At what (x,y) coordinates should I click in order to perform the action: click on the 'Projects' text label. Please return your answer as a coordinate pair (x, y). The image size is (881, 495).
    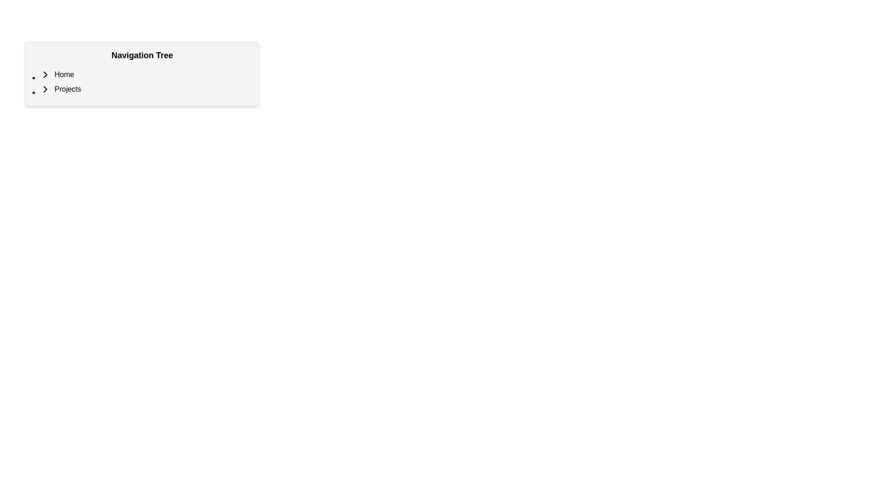
    Looking at the image, I should click on (67, 89).